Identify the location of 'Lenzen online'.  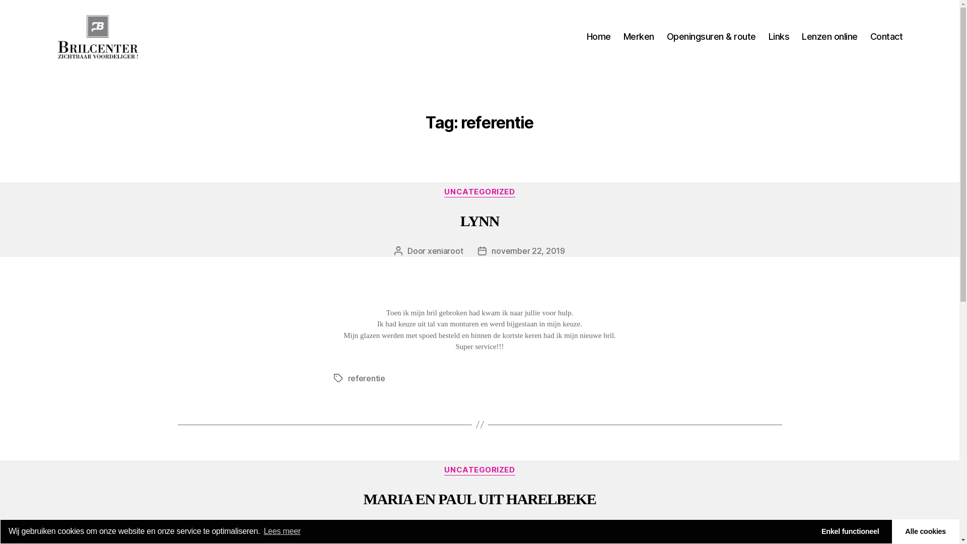
(830, 36).